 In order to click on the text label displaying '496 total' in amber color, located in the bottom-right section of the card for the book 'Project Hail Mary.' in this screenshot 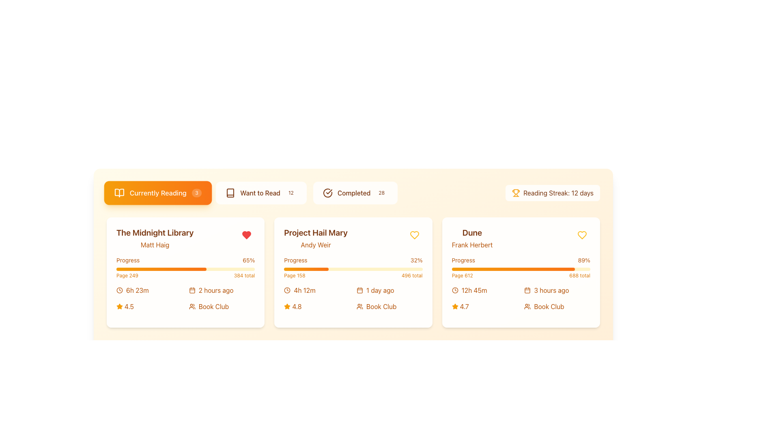, I will do `click(412, 275)`.